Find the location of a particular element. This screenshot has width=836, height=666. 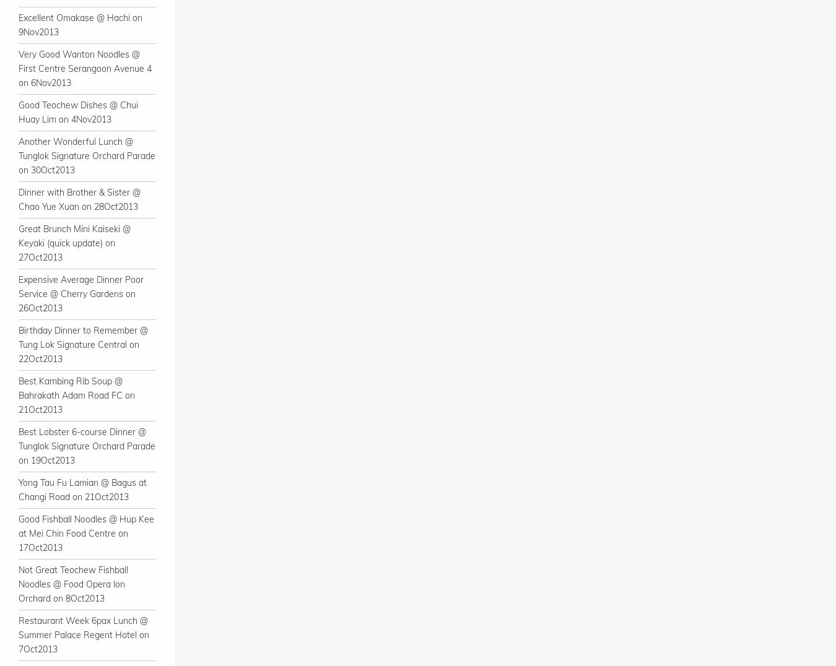

'Dinner with Brother & Sister @ Chao Yue Xuan on 28Oct2013' is located at coordinates (17, 199).